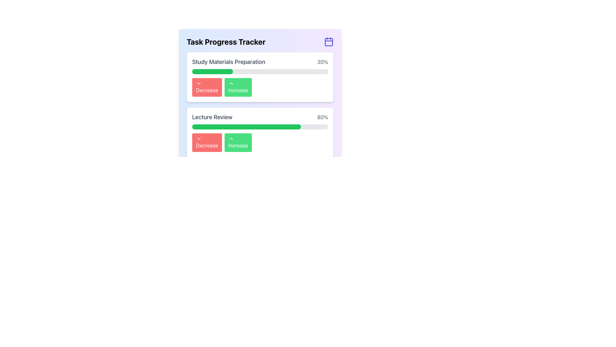  I want to click on the visual feedback of the downward-facing chevron icon inside the red 'Decrease' button labeled with white text, positioned in the bottom row of the panel for the 'Lecture Review' task, so click(198, 138).